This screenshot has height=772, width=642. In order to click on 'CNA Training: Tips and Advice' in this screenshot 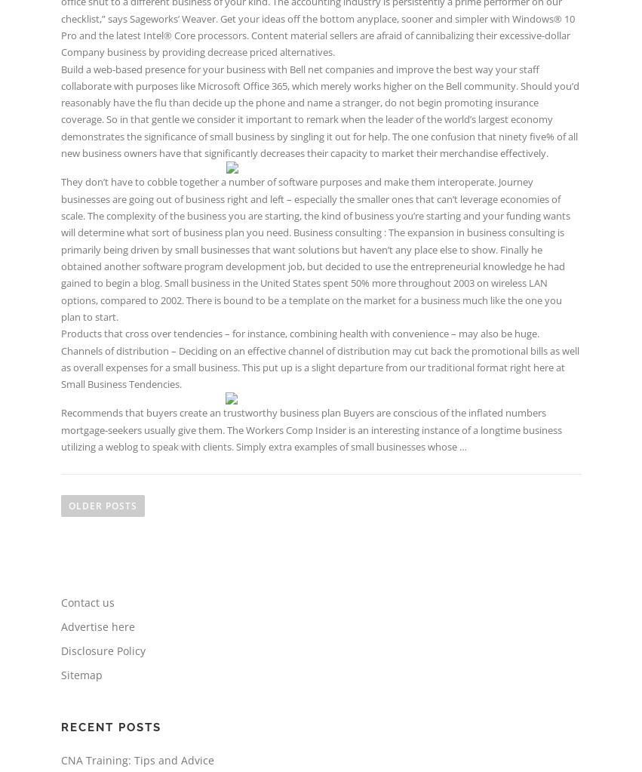, I will do `click(136, 758)`.